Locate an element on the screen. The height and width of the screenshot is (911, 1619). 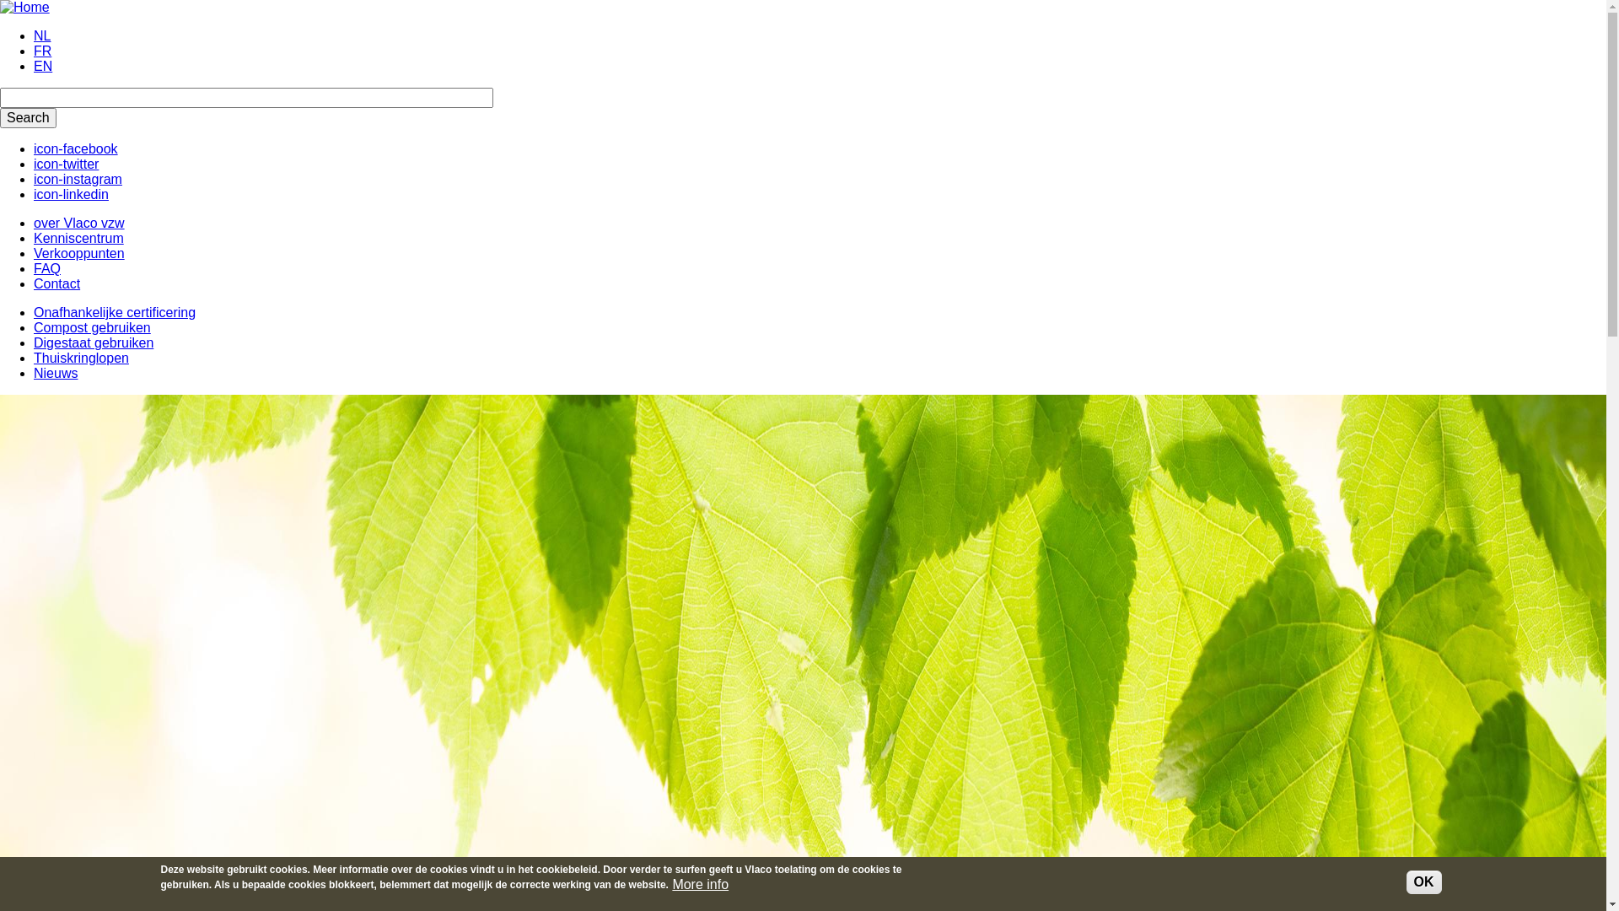
'NL' is located at coordinates (41, 35).